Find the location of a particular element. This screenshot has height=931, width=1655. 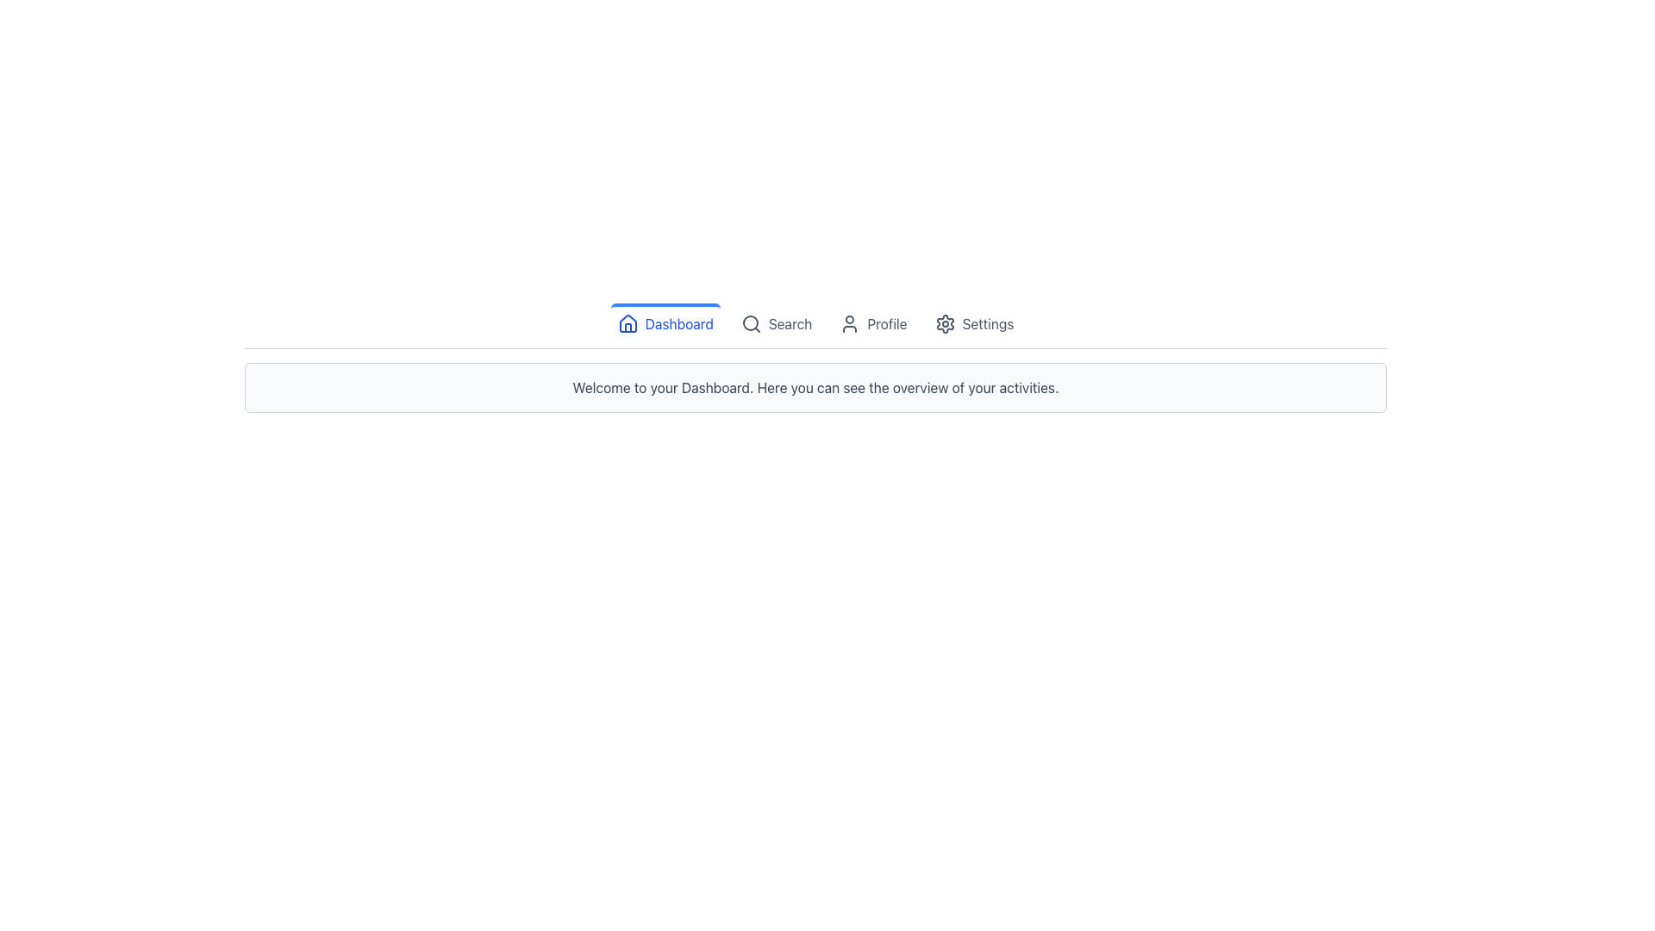

the 'Settings' button, which features a cogwheel icon and is located in the top-center section of the interface is located at coordinates (974, 322).